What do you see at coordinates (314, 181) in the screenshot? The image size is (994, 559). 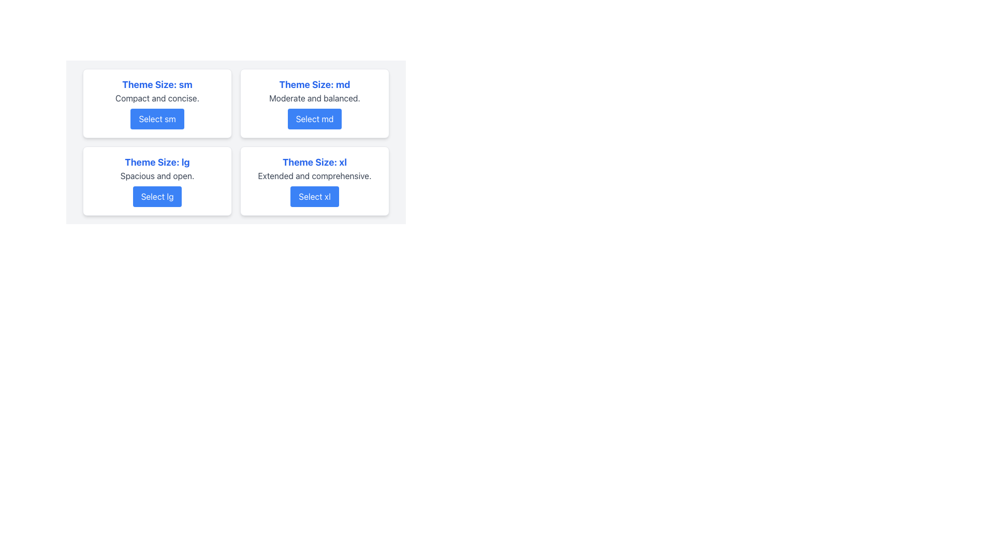 I see `the fourth card in the grid layout that provides information about the 'xl' theme size` at bounding box center [314, 181].